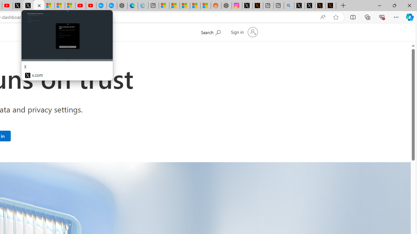  What do you see at coordinates (210, 32) in the screenshot?
I see `'Search Microsoft.com'` at bounding box center [210, 32].